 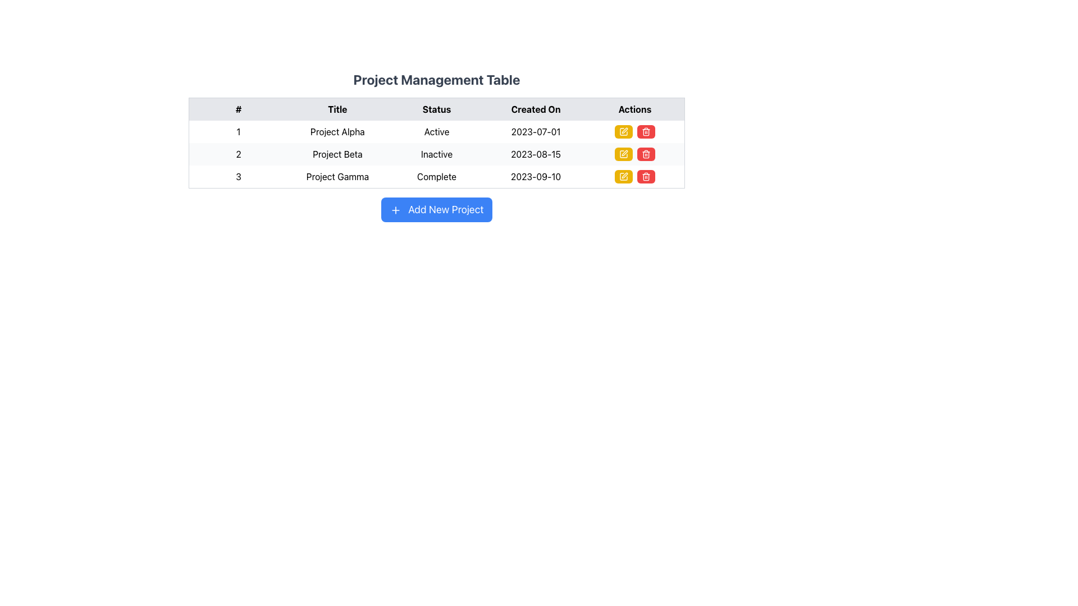 What do you see at coordinates (237, 109) in the screenshot?
I see `the table header cell containing the character '#' in the project management table, which is the first cell in the header row` at bounding box center [237, 109].